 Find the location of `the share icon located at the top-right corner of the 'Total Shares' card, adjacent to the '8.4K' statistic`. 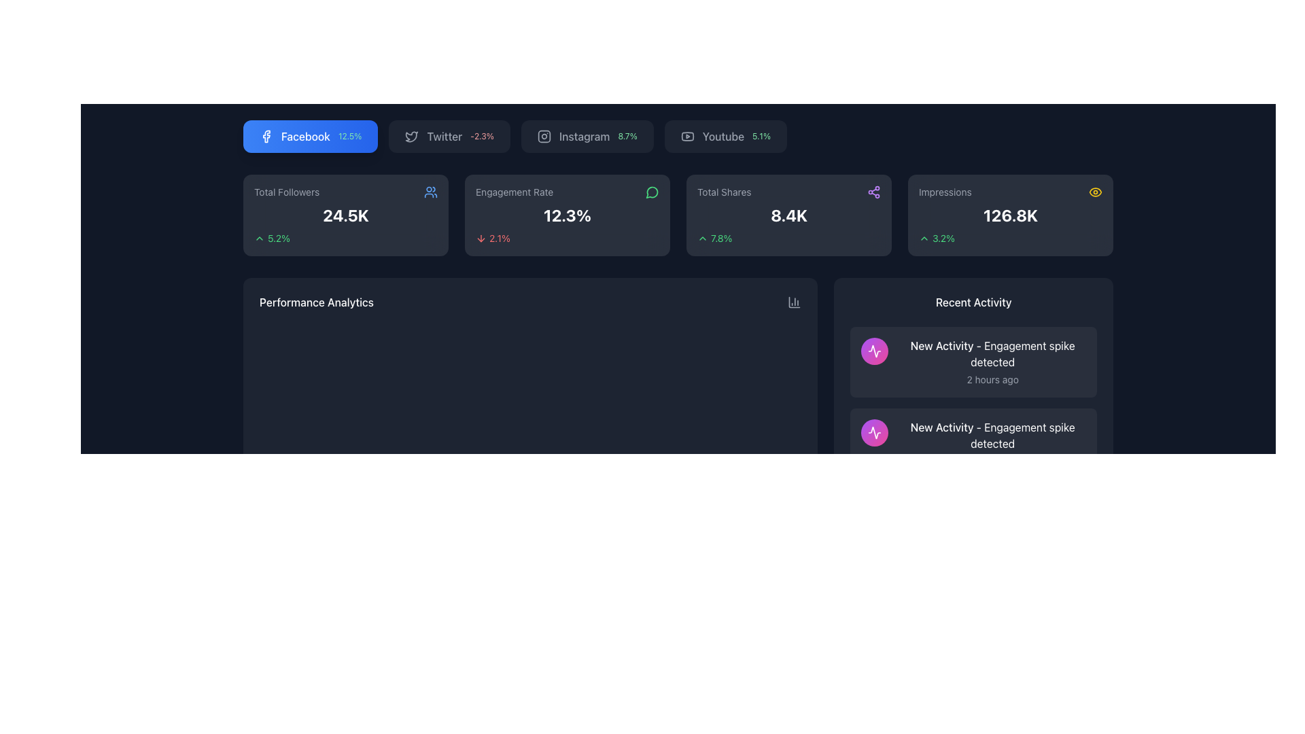

the share icon located at the top-right corner of the 'Total Shares' card, adjacent to the '8.4K' statistic is located at coordinates (874, 192).